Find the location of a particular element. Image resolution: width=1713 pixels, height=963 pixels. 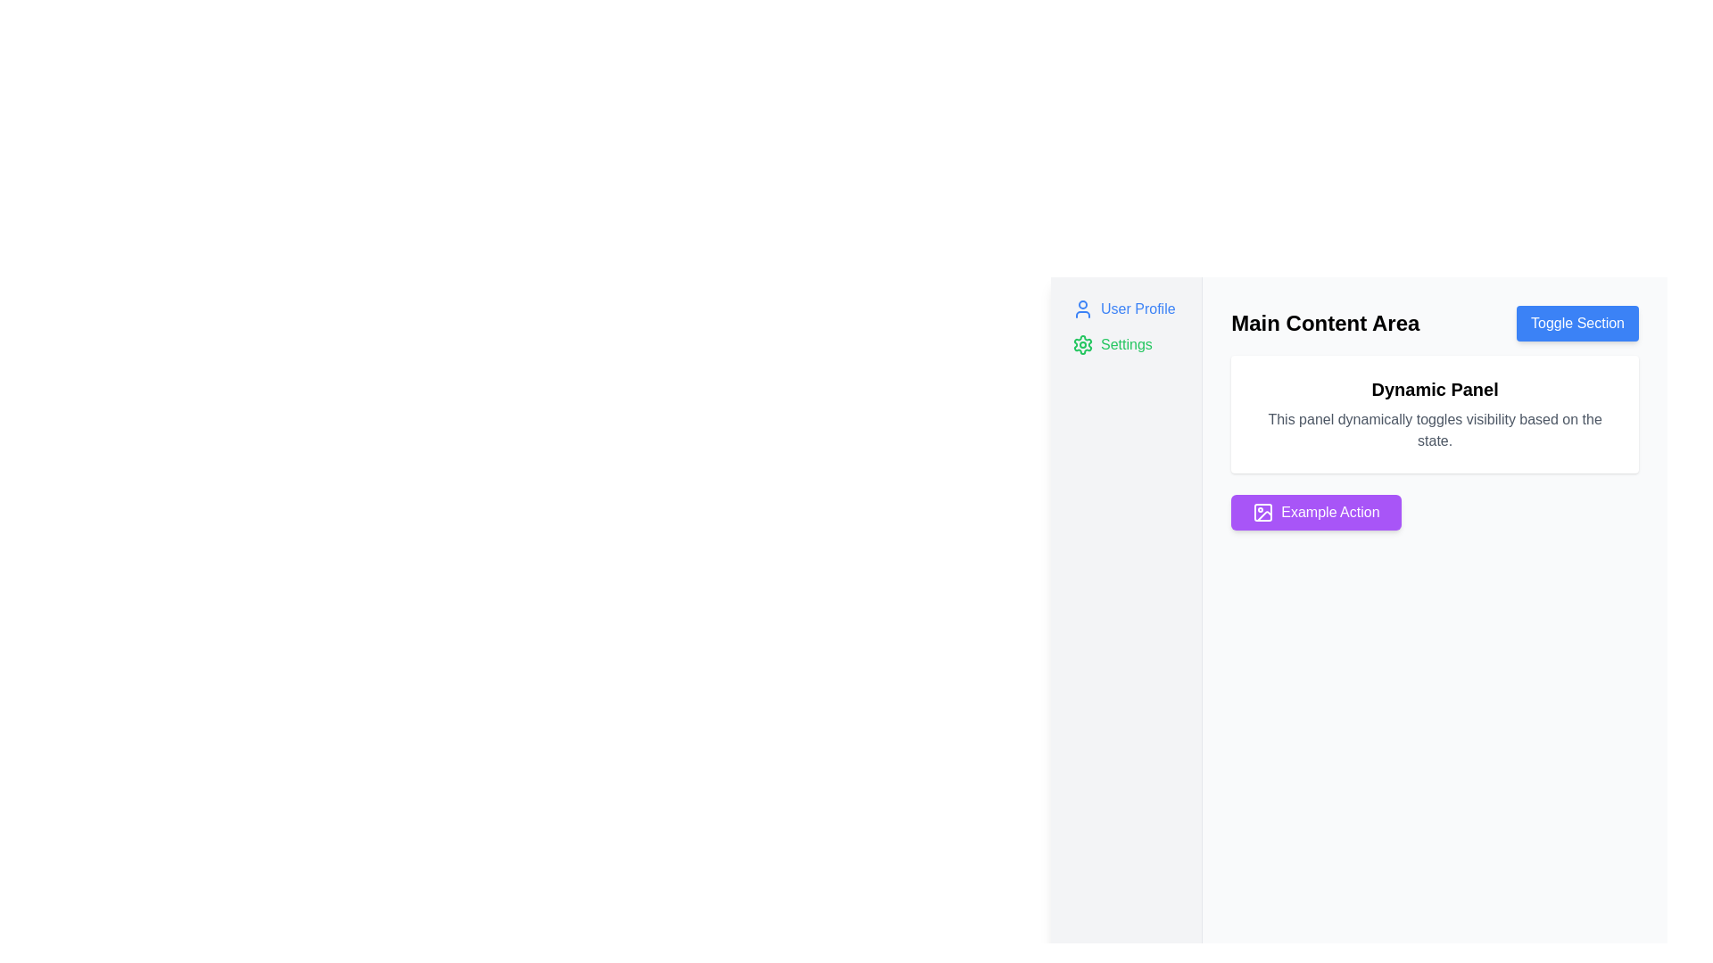

the user profile icon, which is a blue silhouette of a user profile located at the top left of the side menu, next to the 'User Profile' text is located at coordinates (1082, 309).